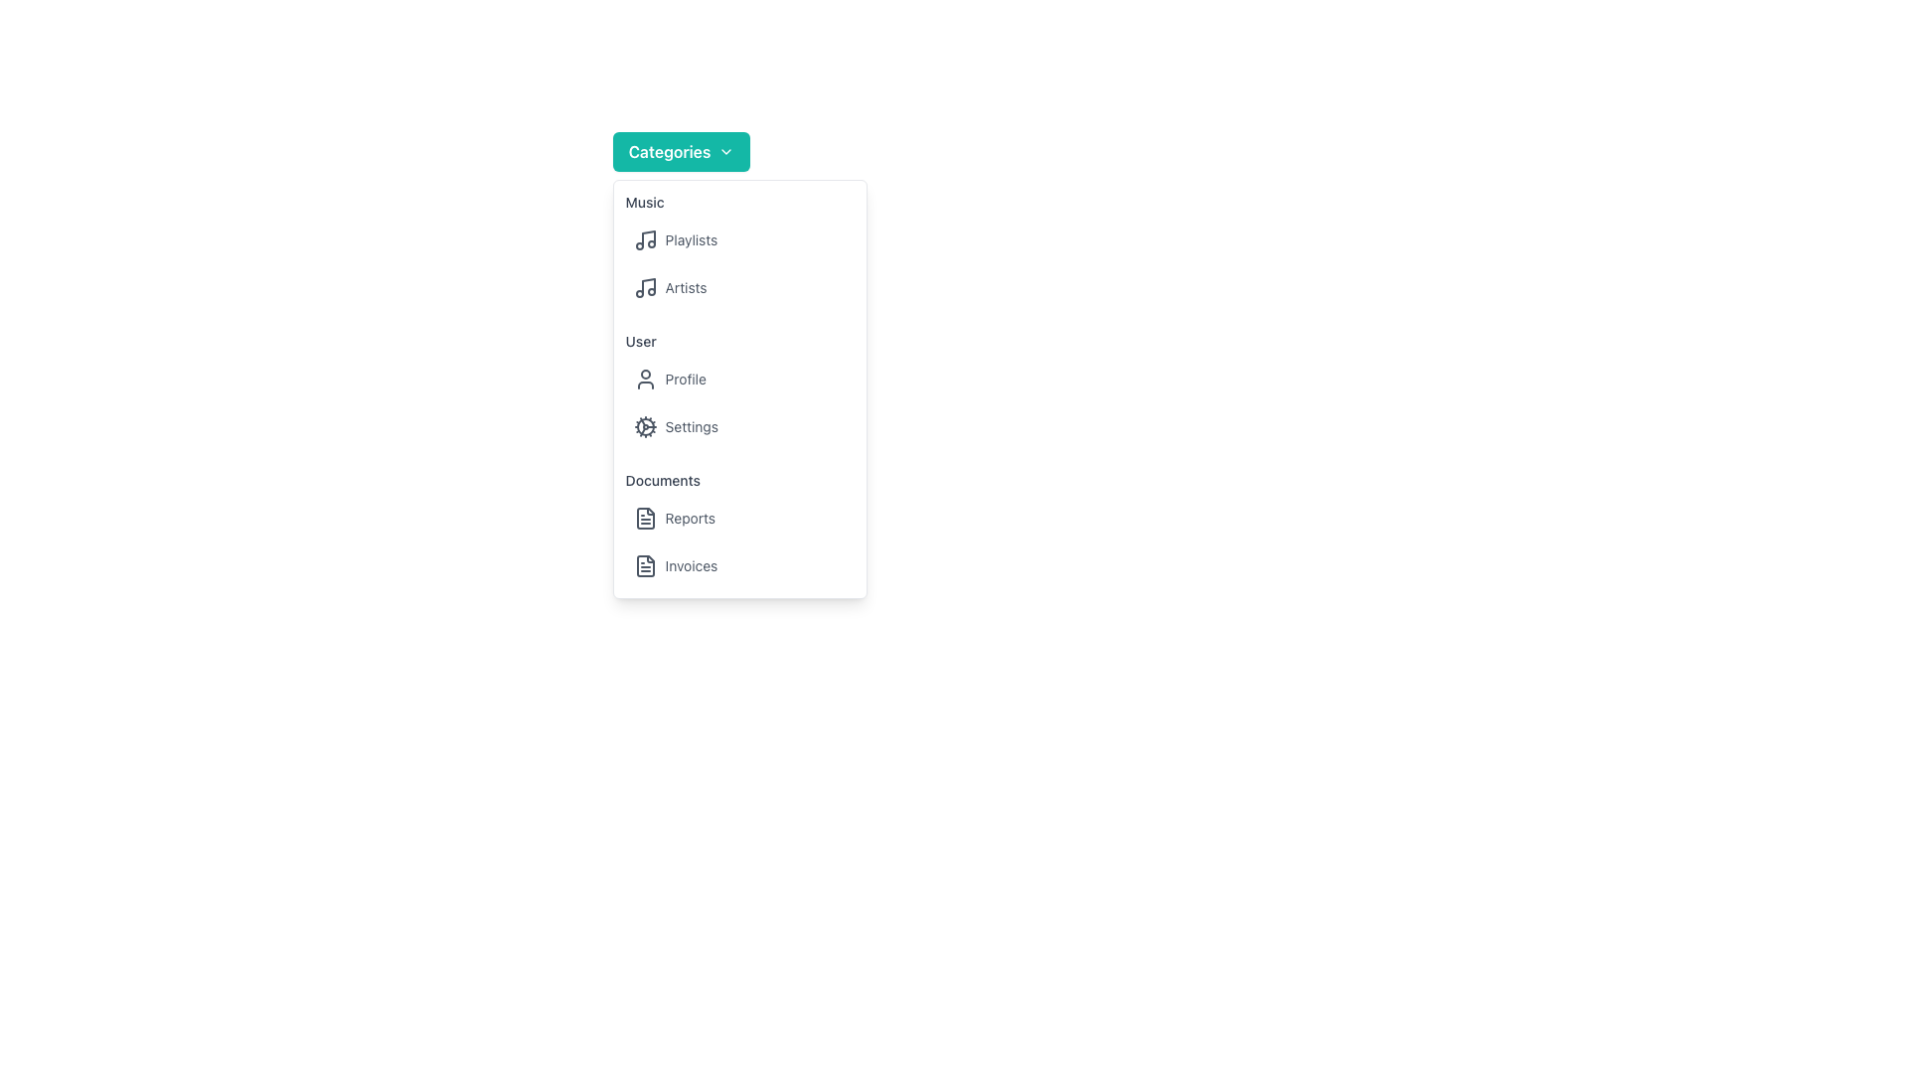 The height and width of the screenshot is (1073, 1908). I want to click on the Chevron or dropdown indicator icon located to the right of the 'Categories' button, so click(725, 151).